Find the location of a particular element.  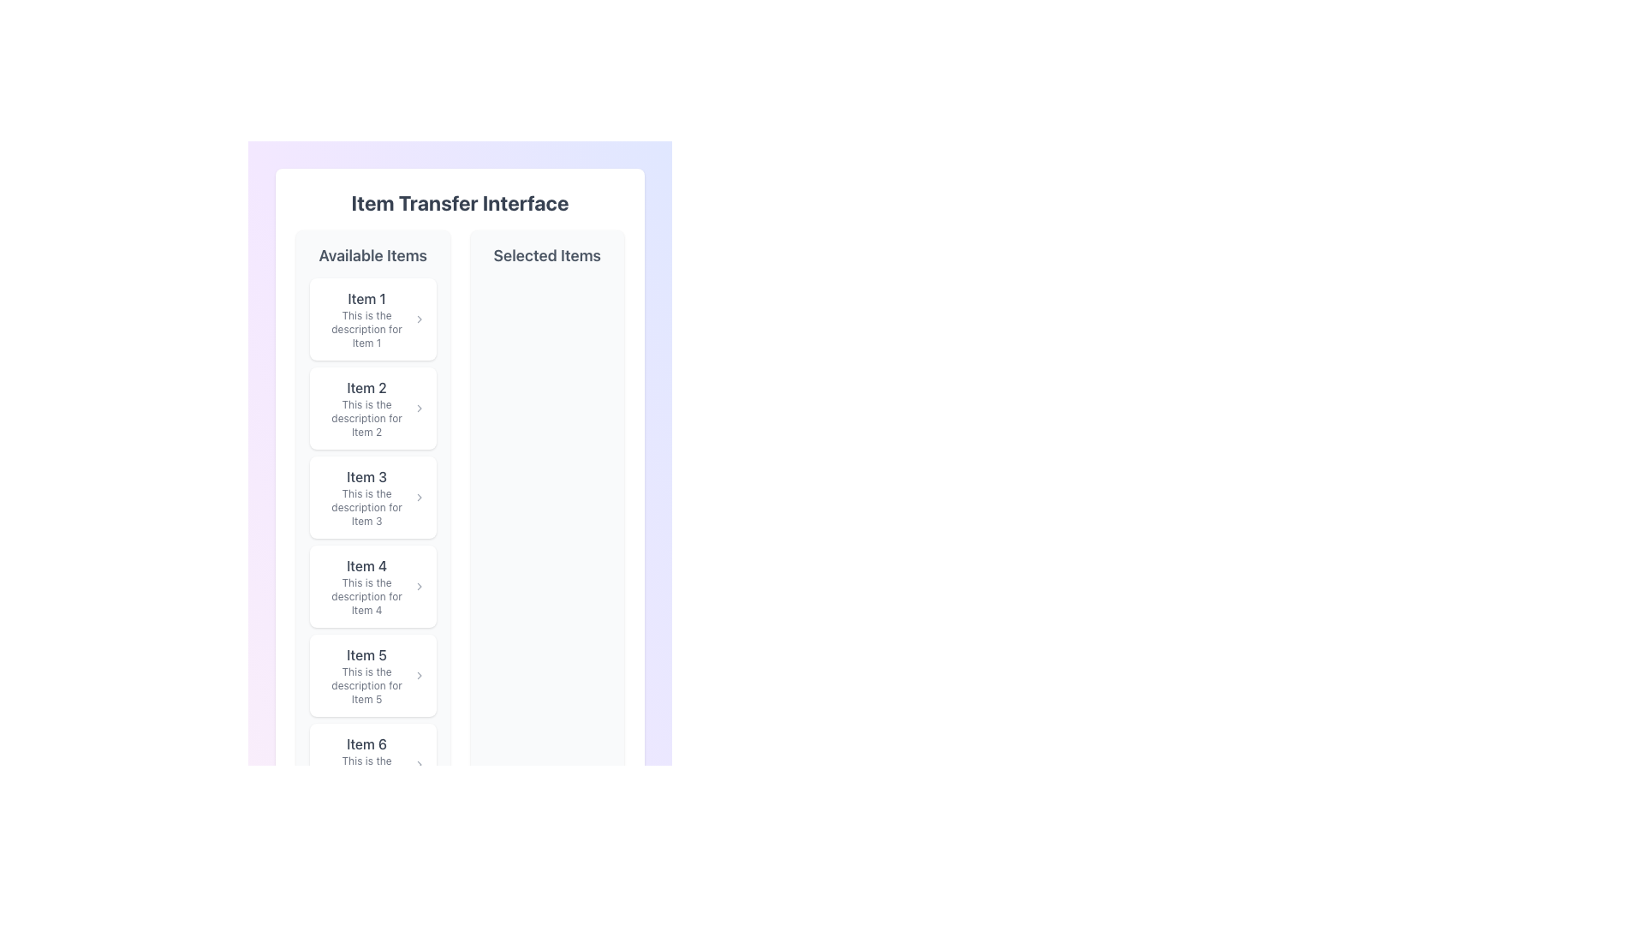

the first list item labeled 'Item 1' in the 'Available Items' column of the 'Item Transfer Interface' is located at coordinates (372, 319).